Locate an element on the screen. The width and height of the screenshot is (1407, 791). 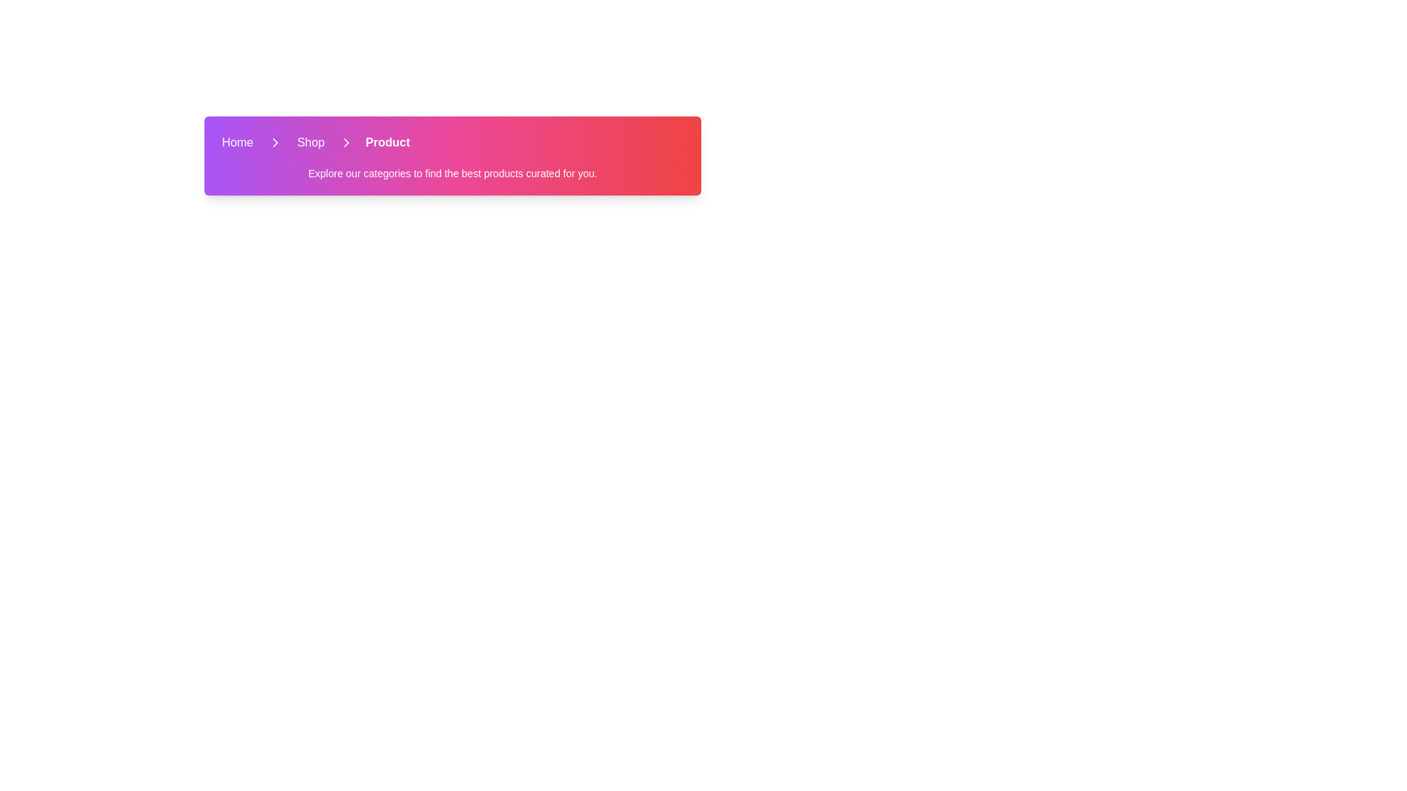
the right-facing chevron SVG icon located between the 'Shop' and 'Product' text elements in the breadcrumb navigation is located at coordinates (346, 143).